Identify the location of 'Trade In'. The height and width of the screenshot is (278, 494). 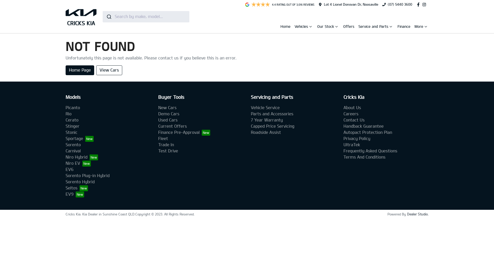
(166, 145).